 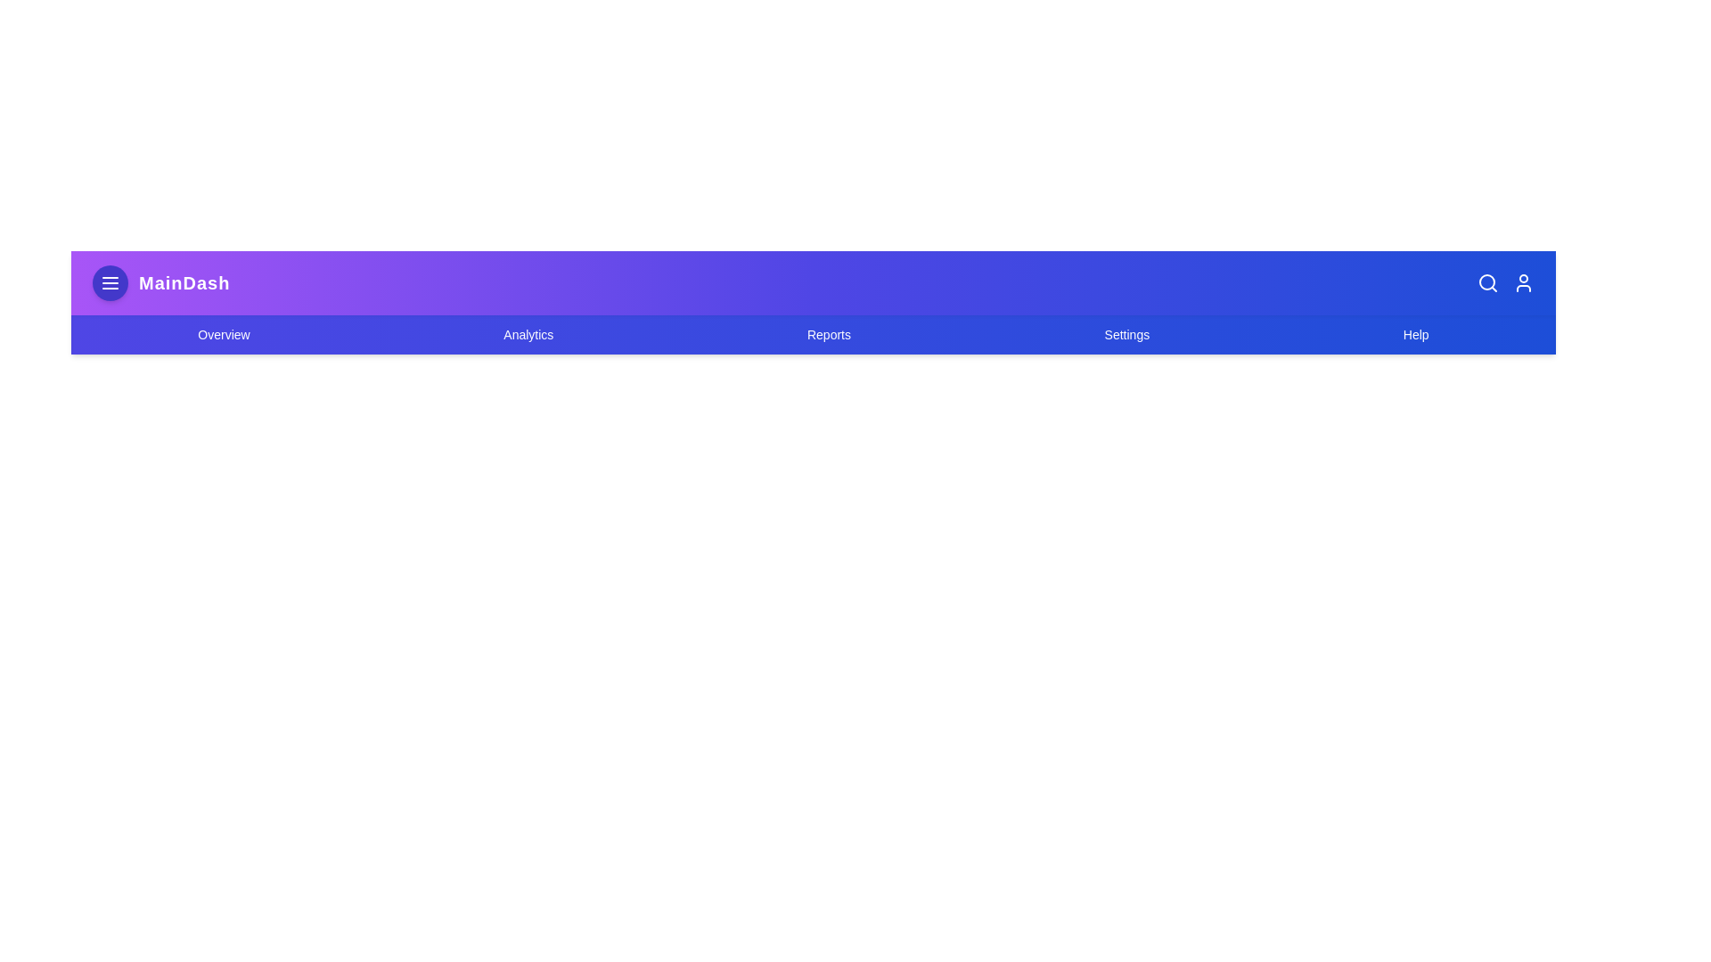 What do you see at coordinates (110, 281) in the screenshot?
I see `the menu icon to toggle the side menu` at bounding box center [110, 281].